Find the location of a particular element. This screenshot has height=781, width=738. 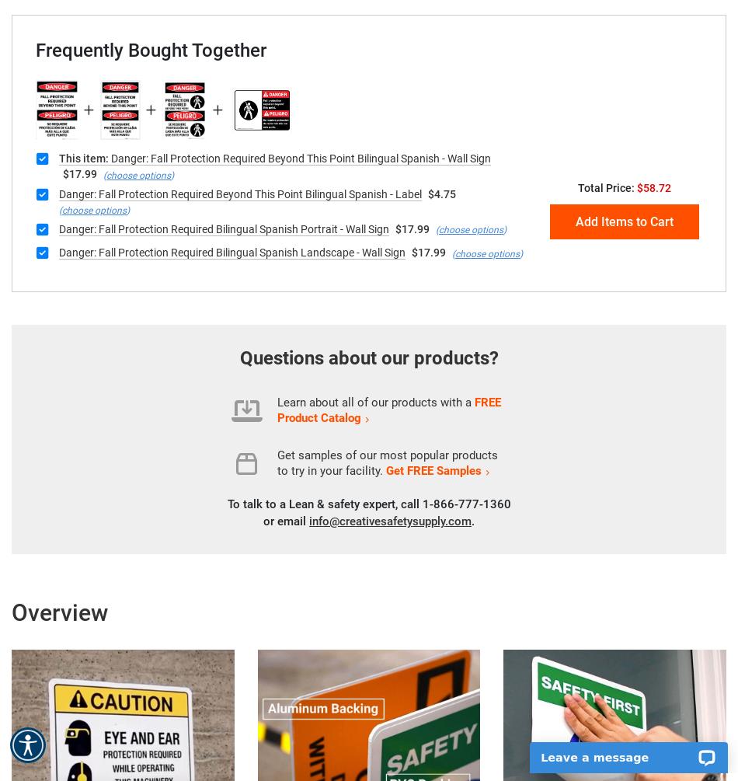

'Frequently Bought Together' is located at coordinates (151, 51).